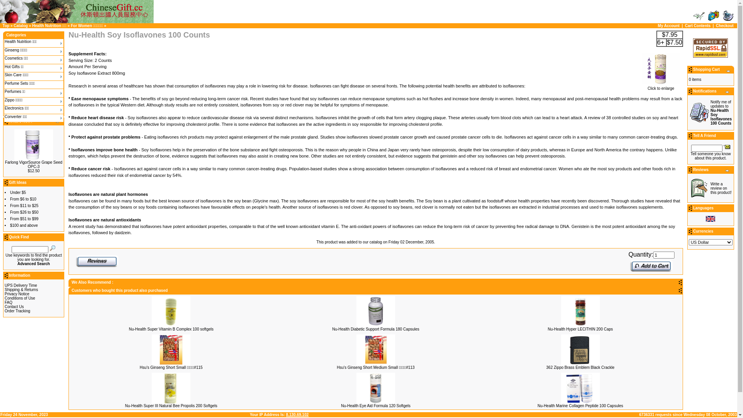 The image size is (743, 418). What do you see at coordinates (21, 290) in the screenshot?
I see `'Shipping & Returns'` at bounding box center [21, 290].